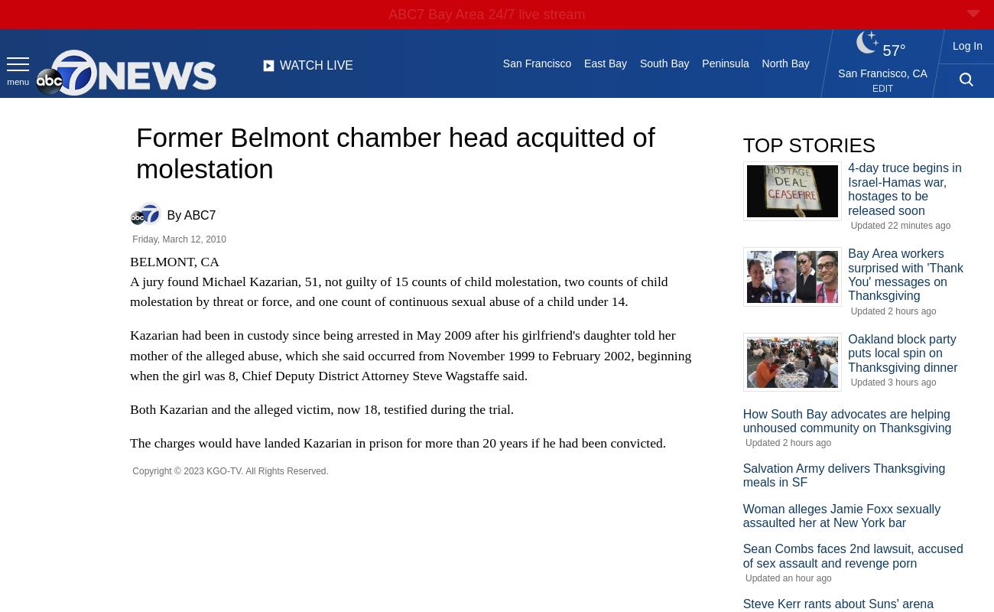  What do you see at coordinates (490, 45) in the screenshot?
I see `'Watch Now'` at bounding box center [490, 45].